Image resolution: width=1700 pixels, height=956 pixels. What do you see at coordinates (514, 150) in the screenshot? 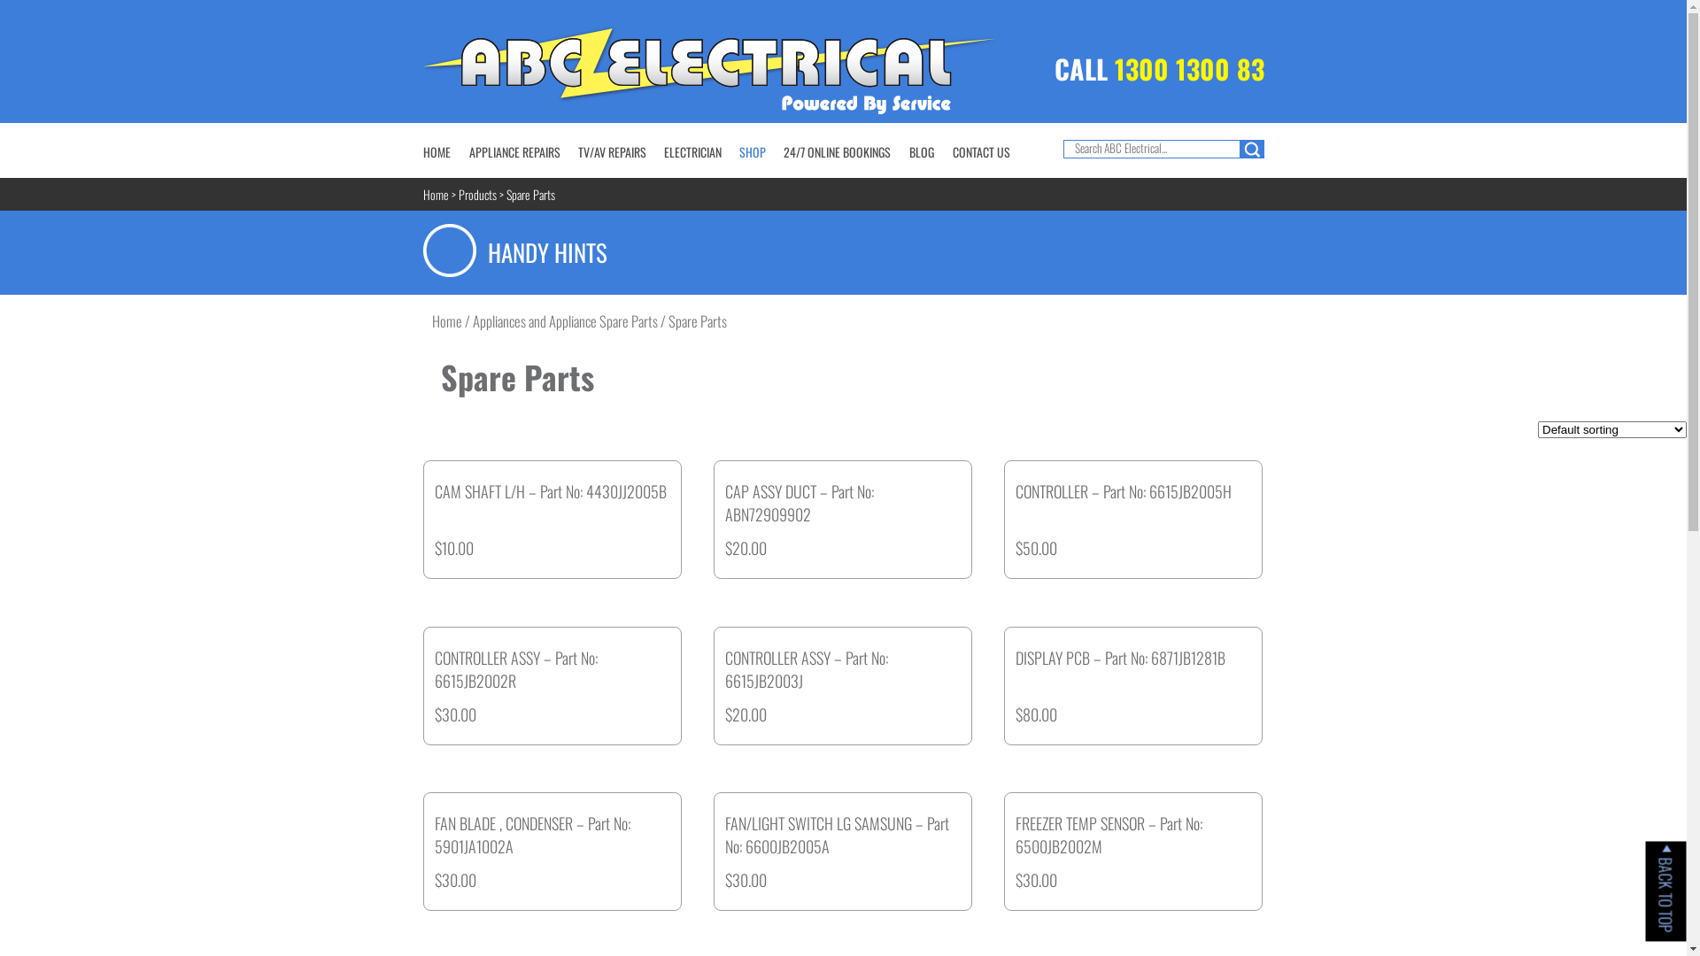
I see `'APPLIANCE REPAIRS'` at bounding box center [514, 150].